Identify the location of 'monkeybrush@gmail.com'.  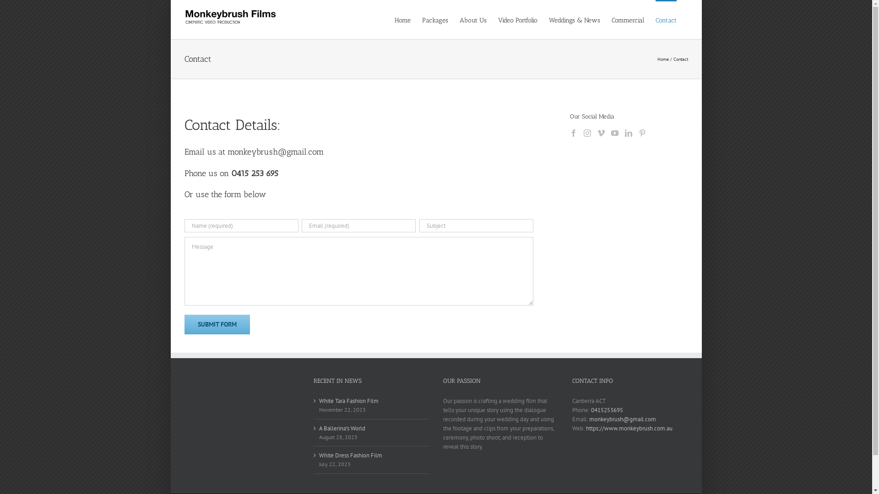
(622, 419).